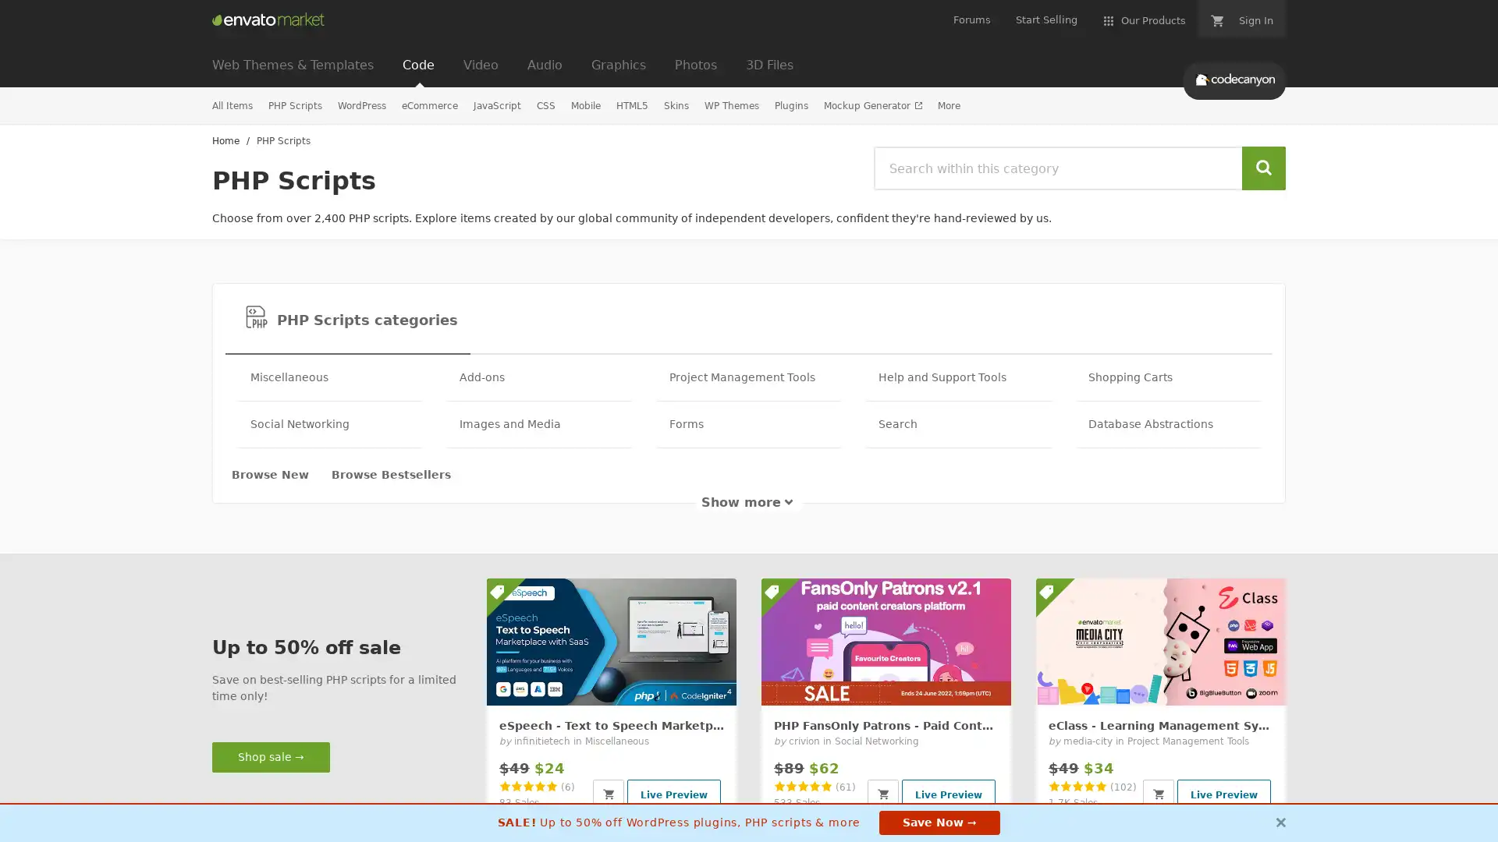  Describe the element at coordinates (1223, 681) in the screenshot. I see `Add to collection` at that location.